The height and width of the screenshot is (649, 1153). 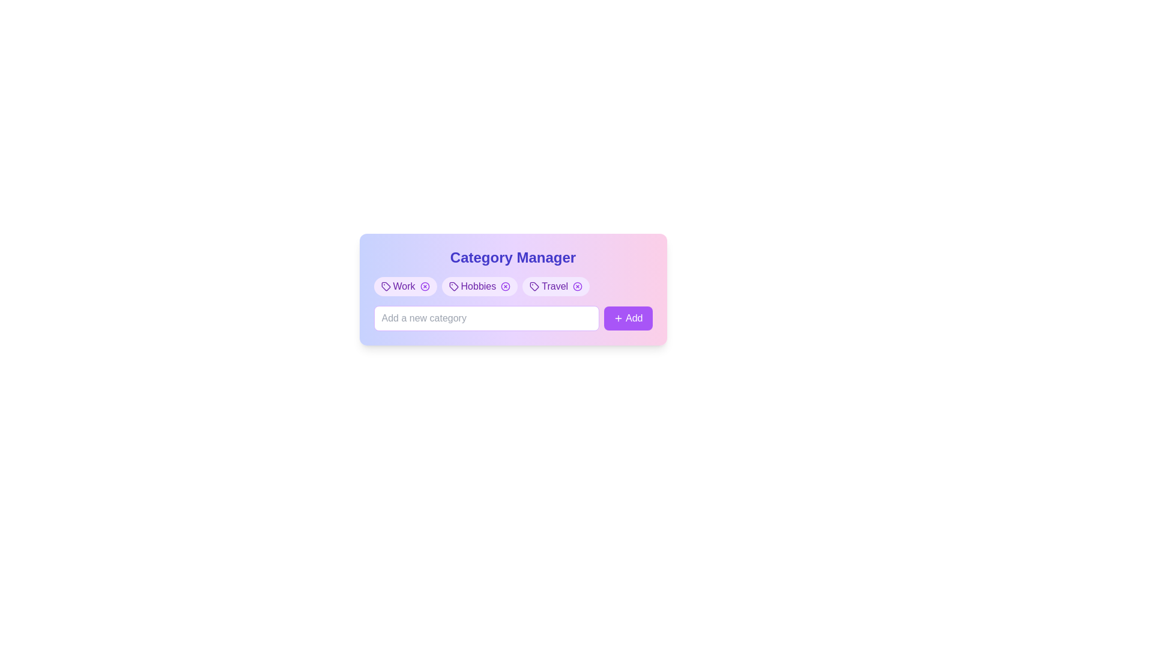 I want to click on the tag icon located to the left of the 'Hobbies' text in the 'Category Manager' interface, so click(x=453, y=287).